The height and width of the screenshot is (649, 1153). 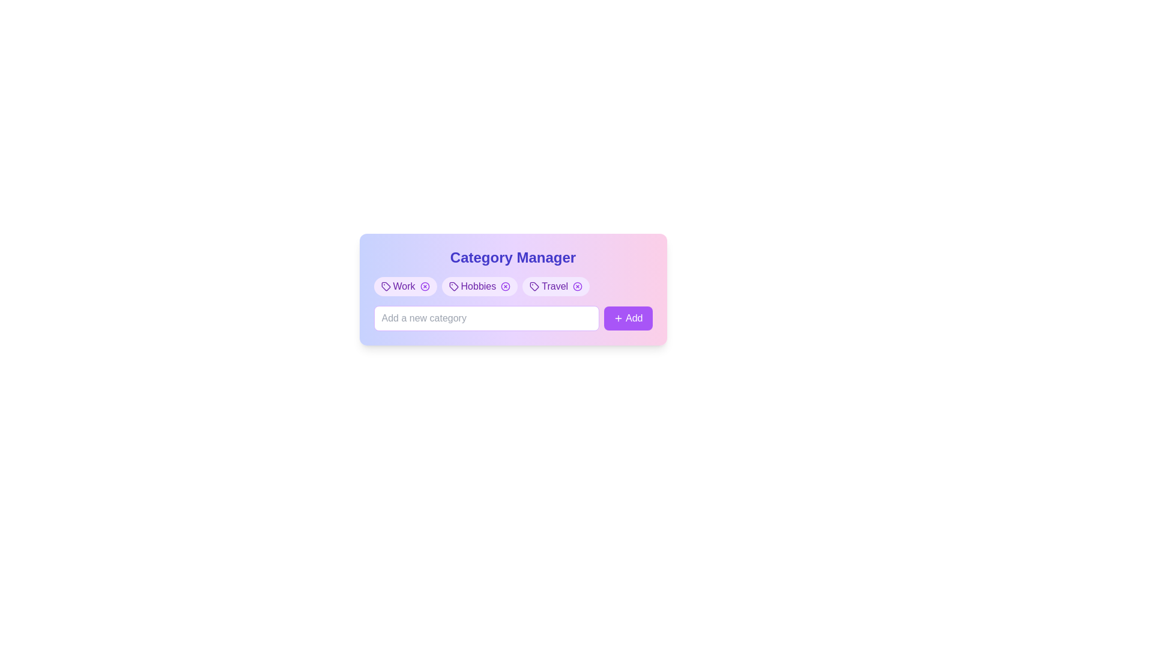 I want to click on the tag icon located to the left of the 'Hobbies' text in the 'Category Manager' interface, so click(x=453, y=287).